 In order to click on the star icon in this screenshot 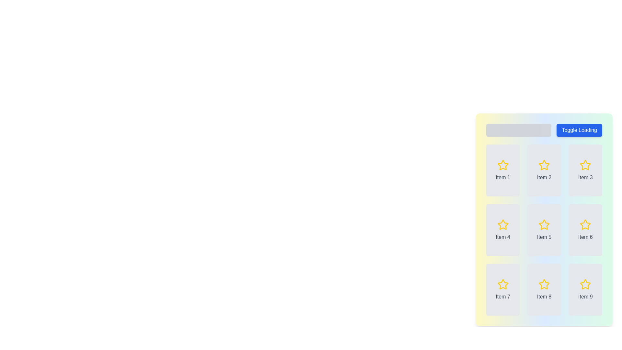, I will do `click(544, 225)`.